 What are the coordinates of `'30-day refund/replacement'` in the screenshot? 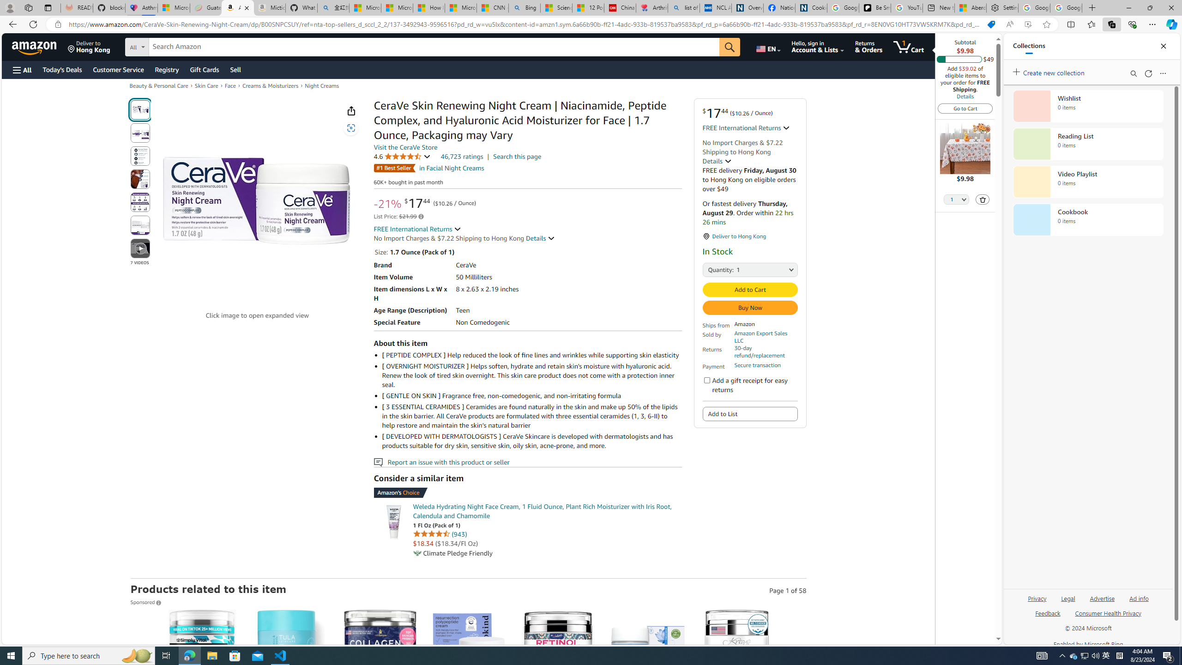 It's located at (766, 351).